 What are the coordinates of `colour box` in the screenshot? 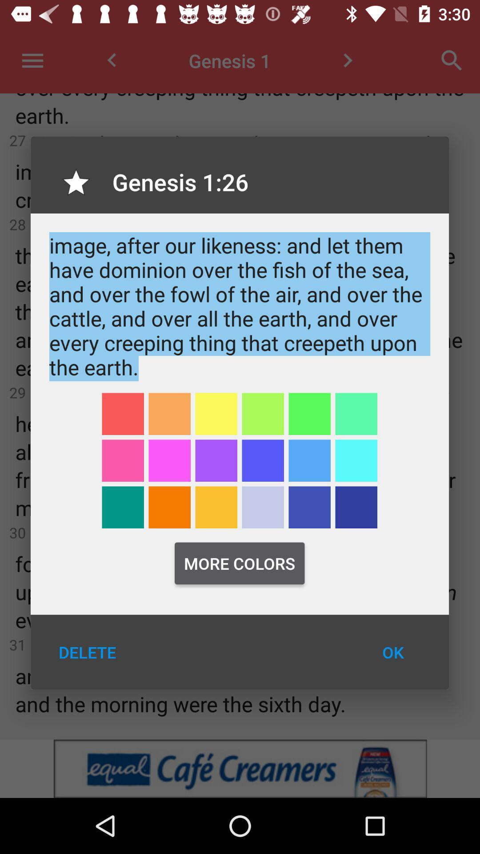 It's located at (356, 507).